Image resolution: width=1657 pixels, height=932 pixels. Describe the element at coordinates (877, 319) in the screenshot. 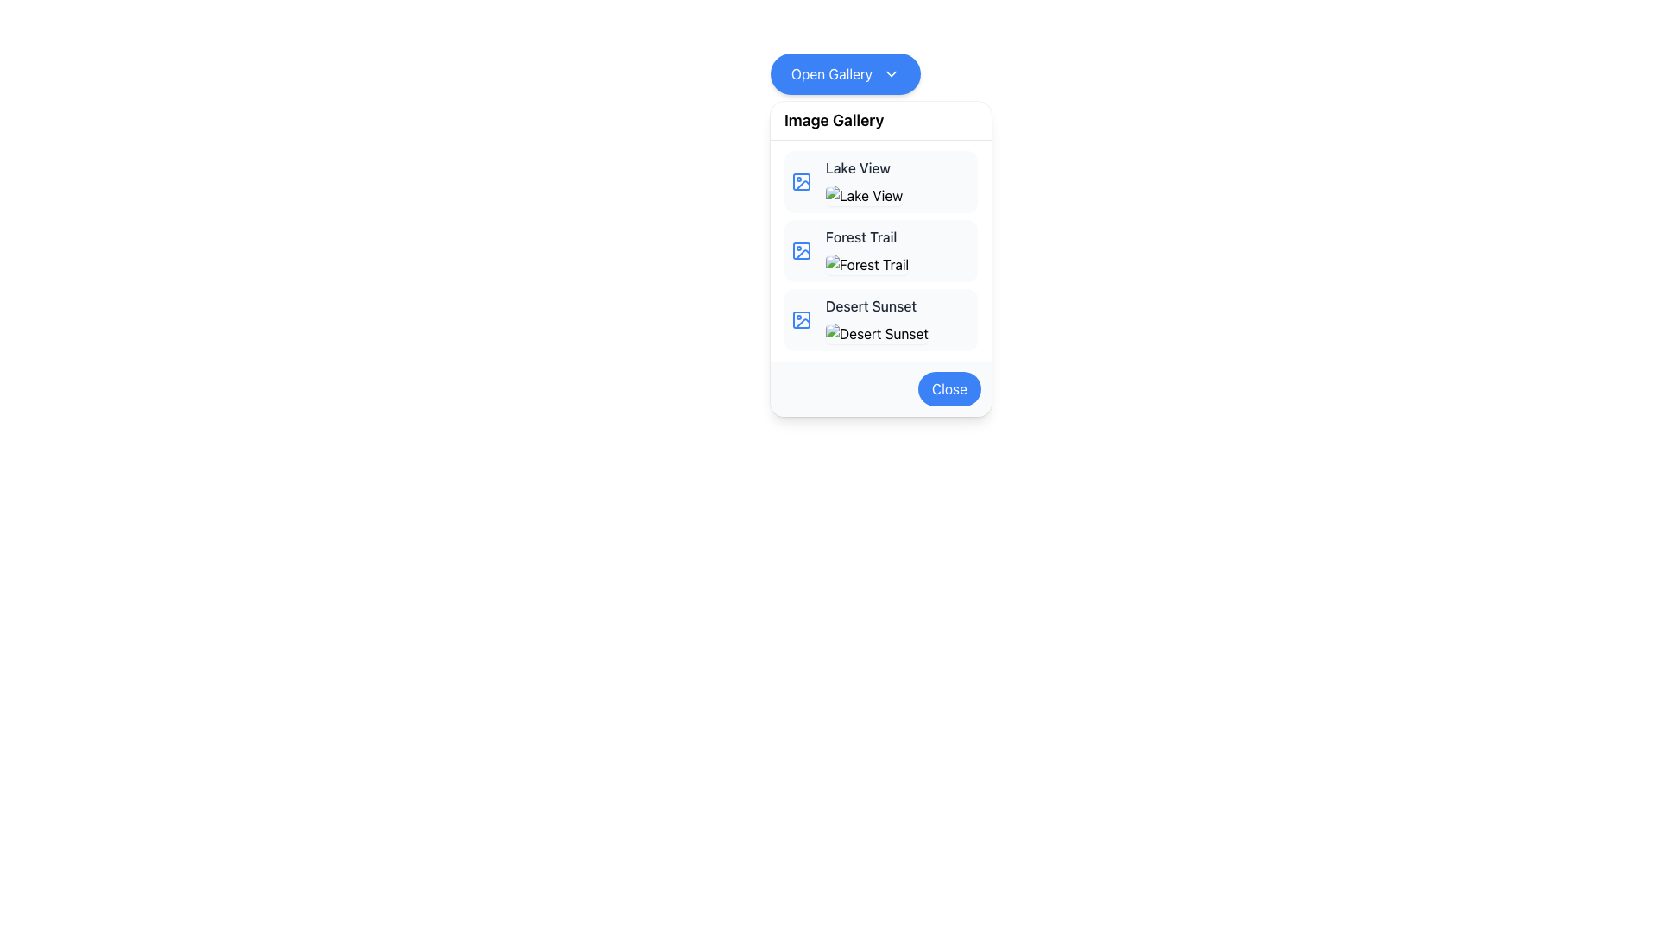

I see `the third item in the image gallery labeled 'Desert Sunset'` at that location.